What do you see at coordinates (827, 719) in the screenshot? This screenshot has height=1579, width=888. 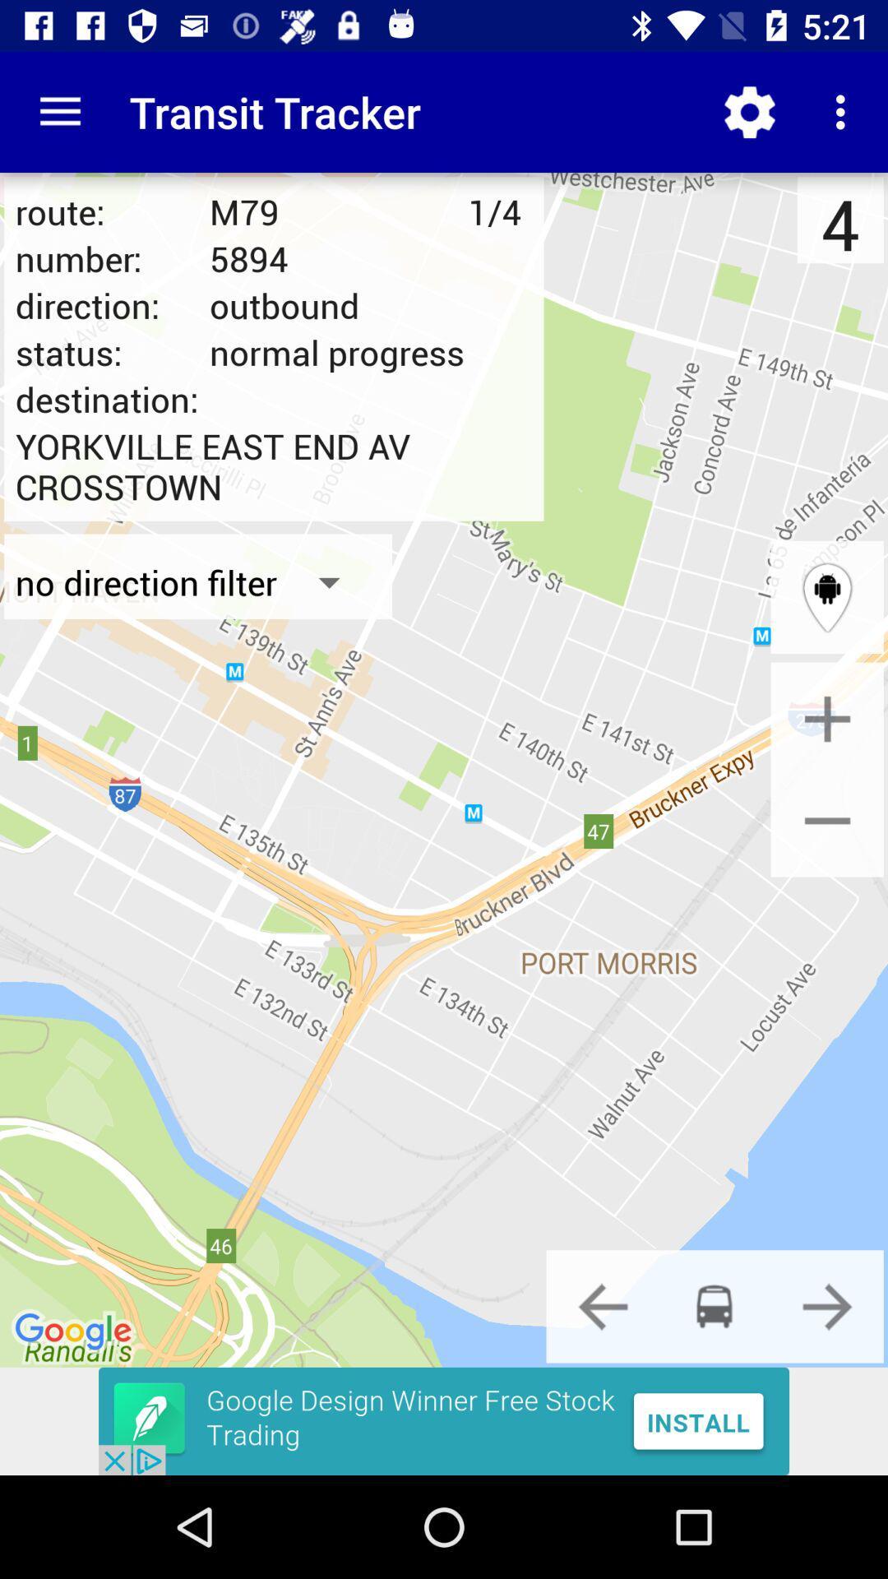 I see `zoom in` at bounding box center [827, 719].